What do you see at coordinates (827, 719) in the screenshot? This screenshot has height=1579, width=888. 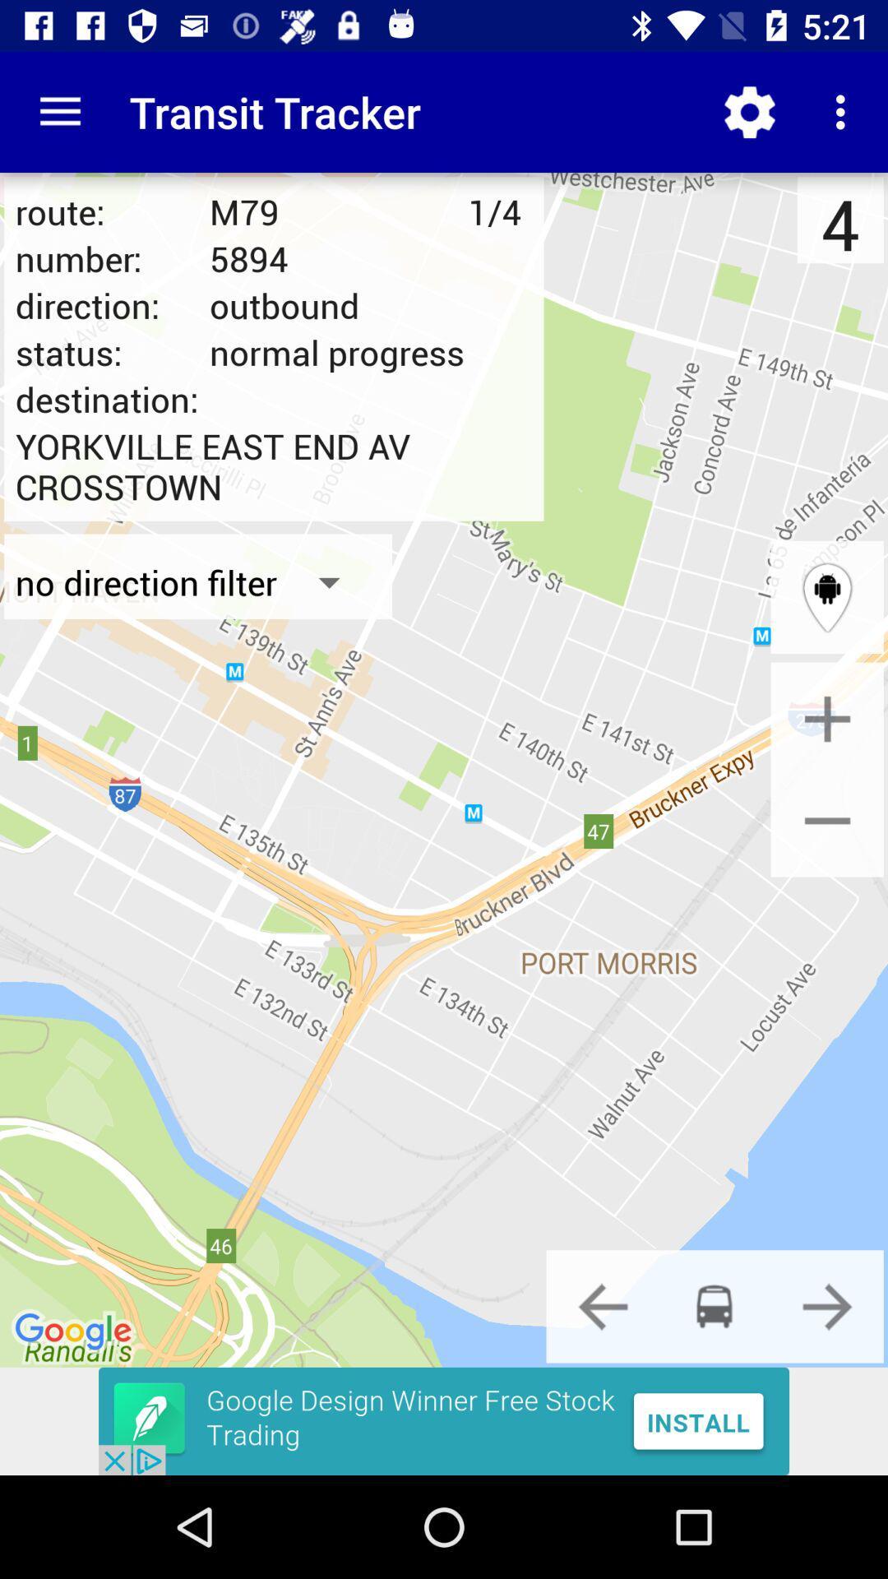 I see `zoom in` at bounding box center [827, 719].